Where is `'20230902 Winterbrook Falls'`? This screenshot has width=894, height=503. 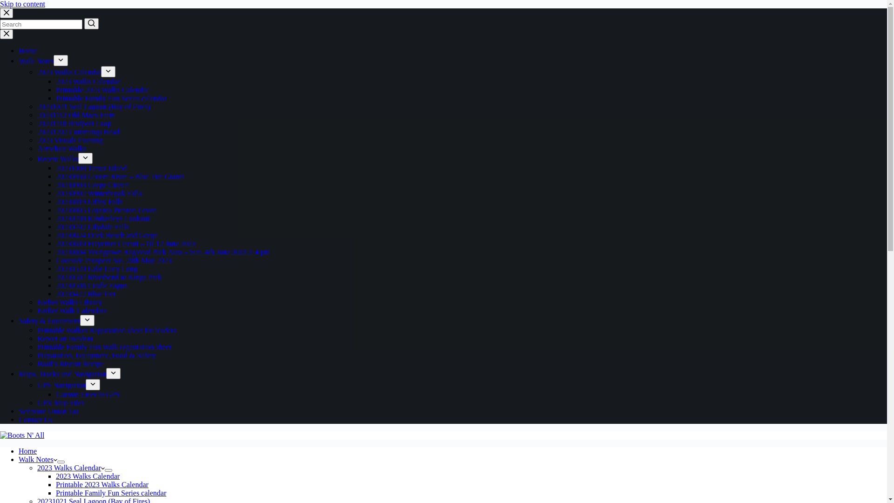 '20230902 Winterbrook Falls' is located at coordinates (98, 192).